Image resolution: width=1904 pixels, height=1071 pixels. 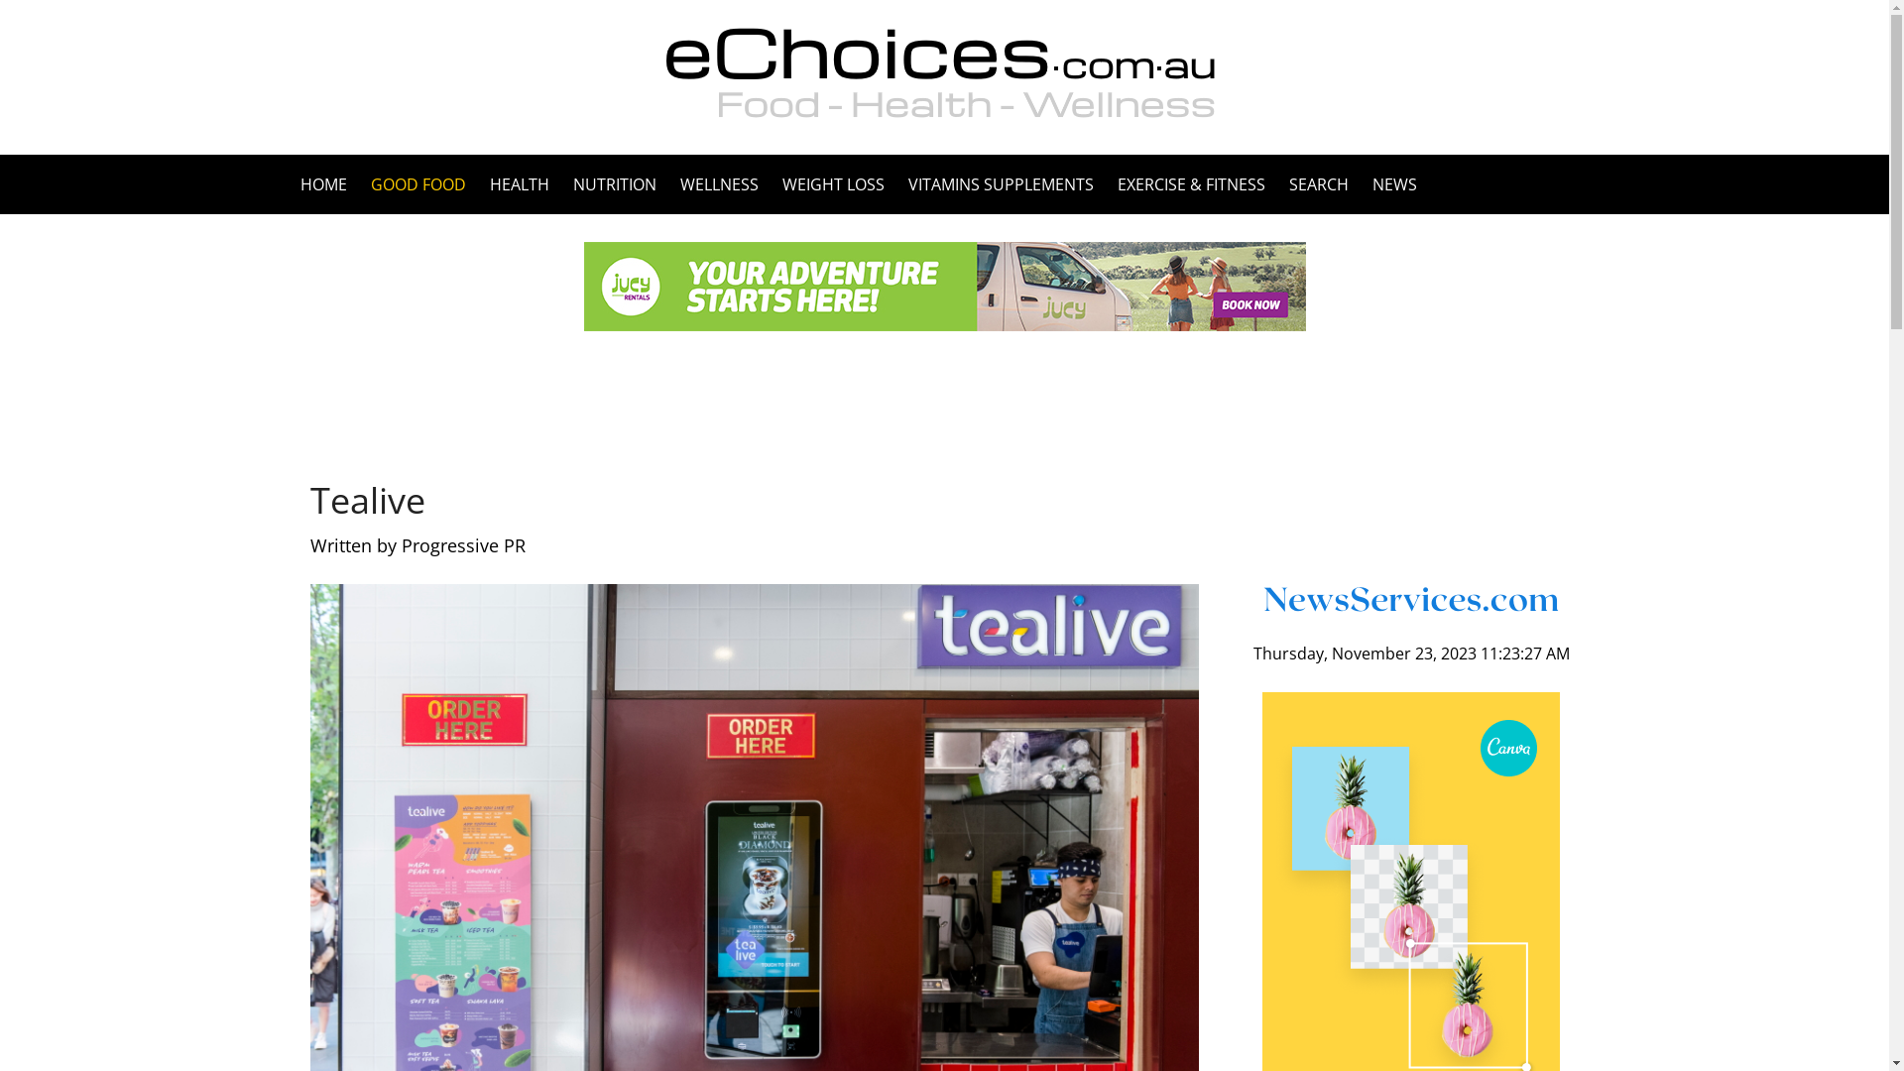 I want to click on 'NEWS', so click(x=1387, y=183).